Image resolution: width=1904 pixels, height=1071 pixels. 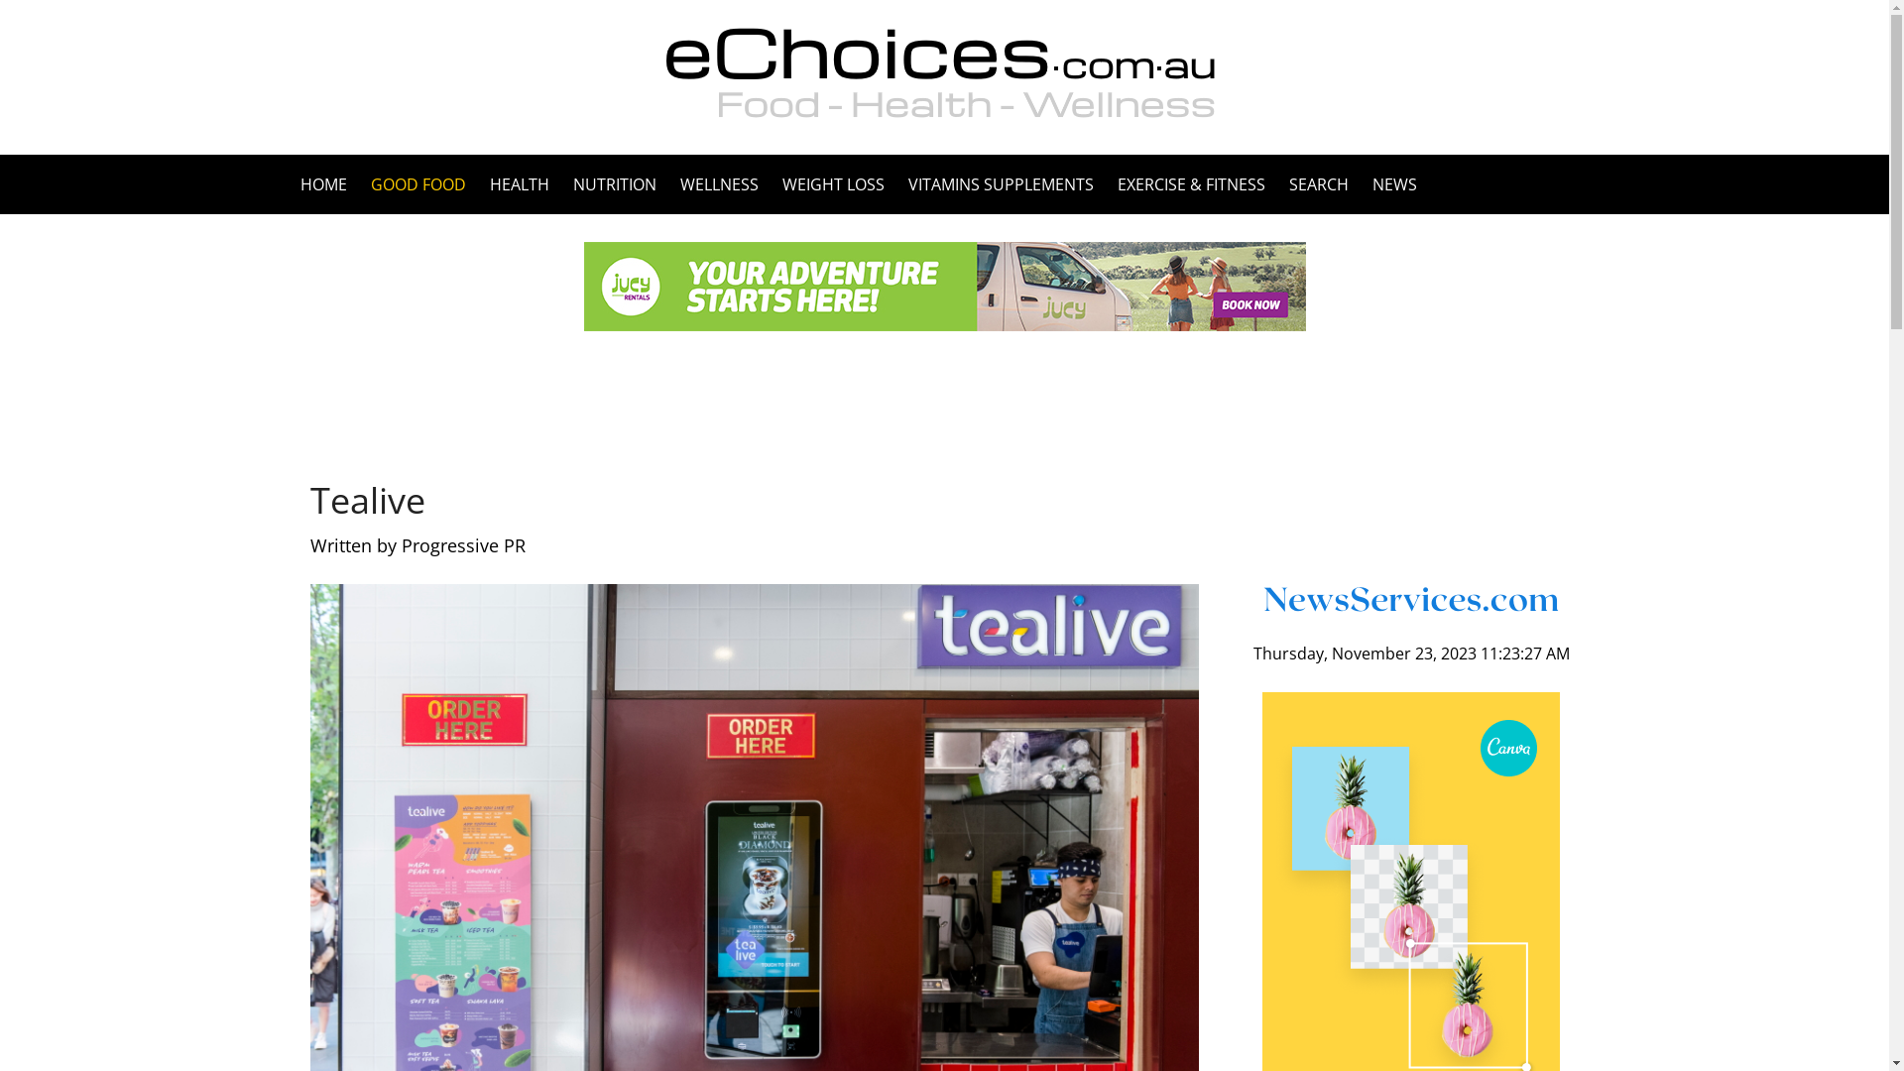 I want to click on 'NEWS', so click(x=1387, y=183).